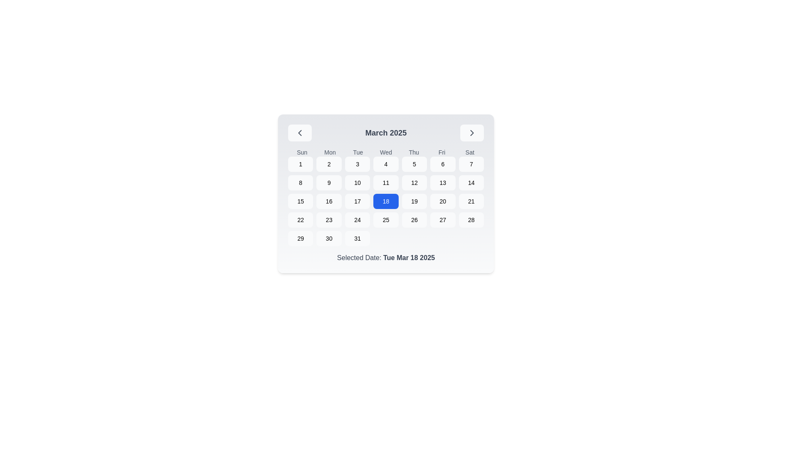 The image size is (810, 456). Describe the element at coordinates (357, 219) in the screenshot. I see `the calendar date button representing the 24th day of the displayed month` at that location.